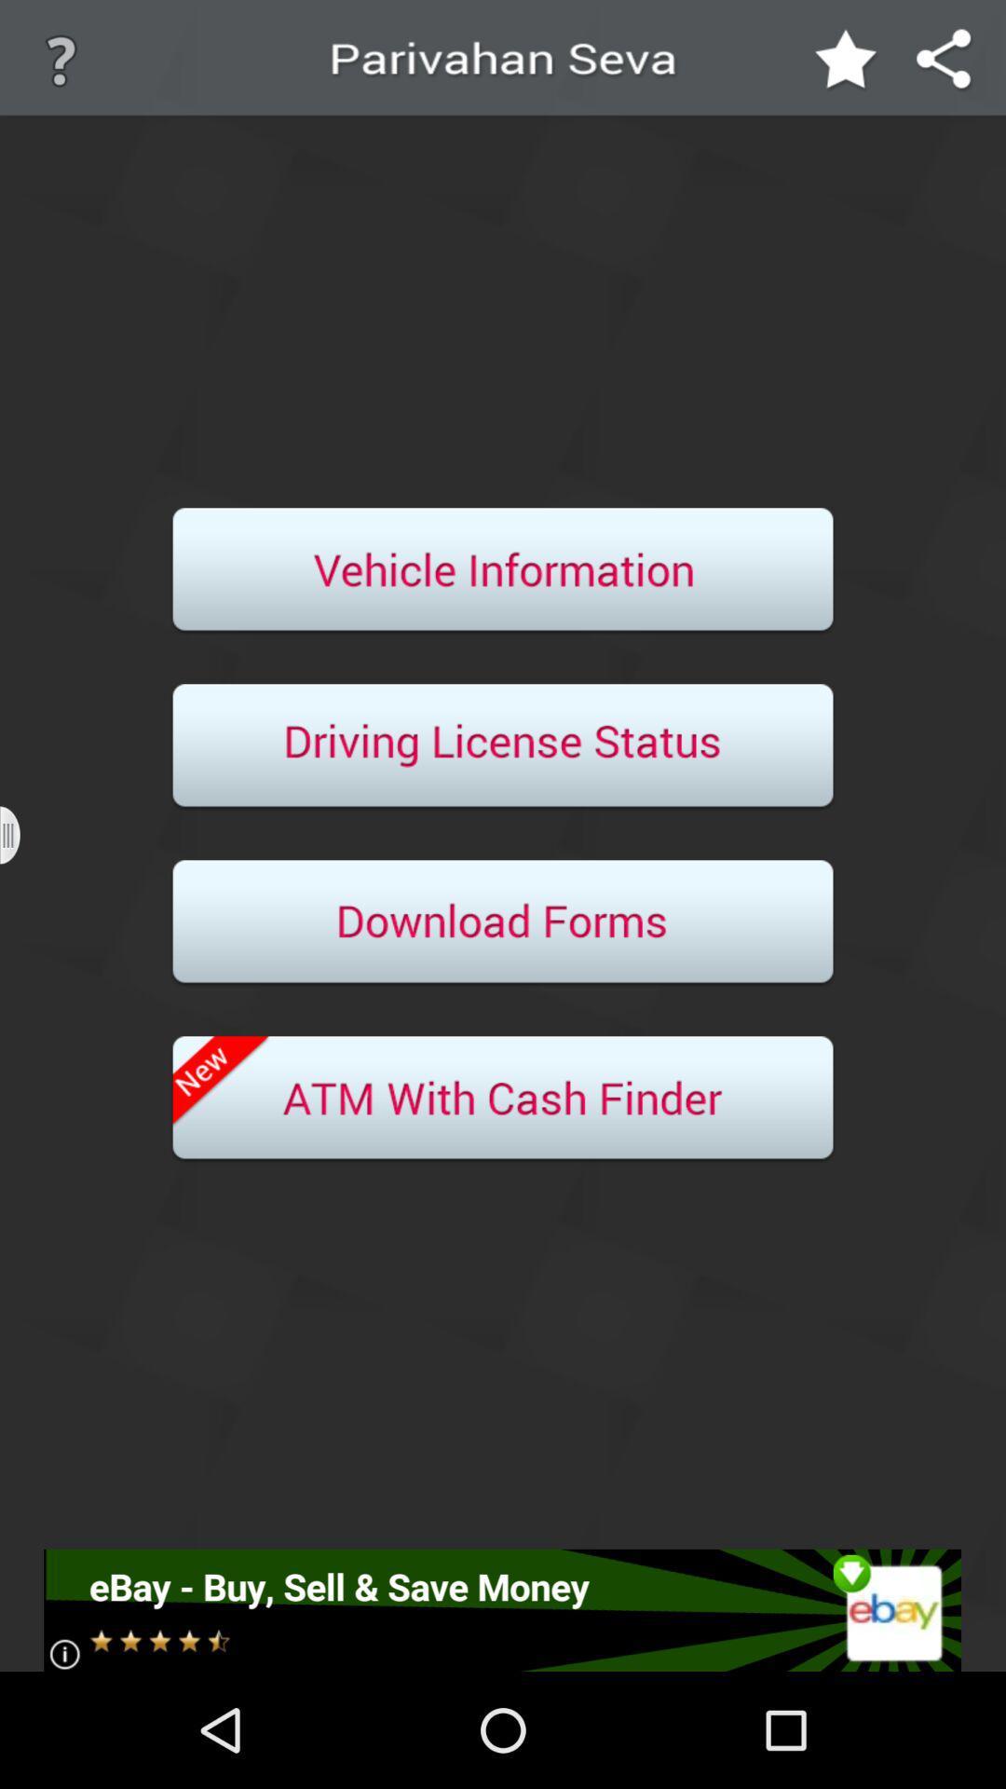  What do you see at coordinates (503, 570) in the screenshot?
I see `informaion about a vehicle` at bounding box center [503, 570].